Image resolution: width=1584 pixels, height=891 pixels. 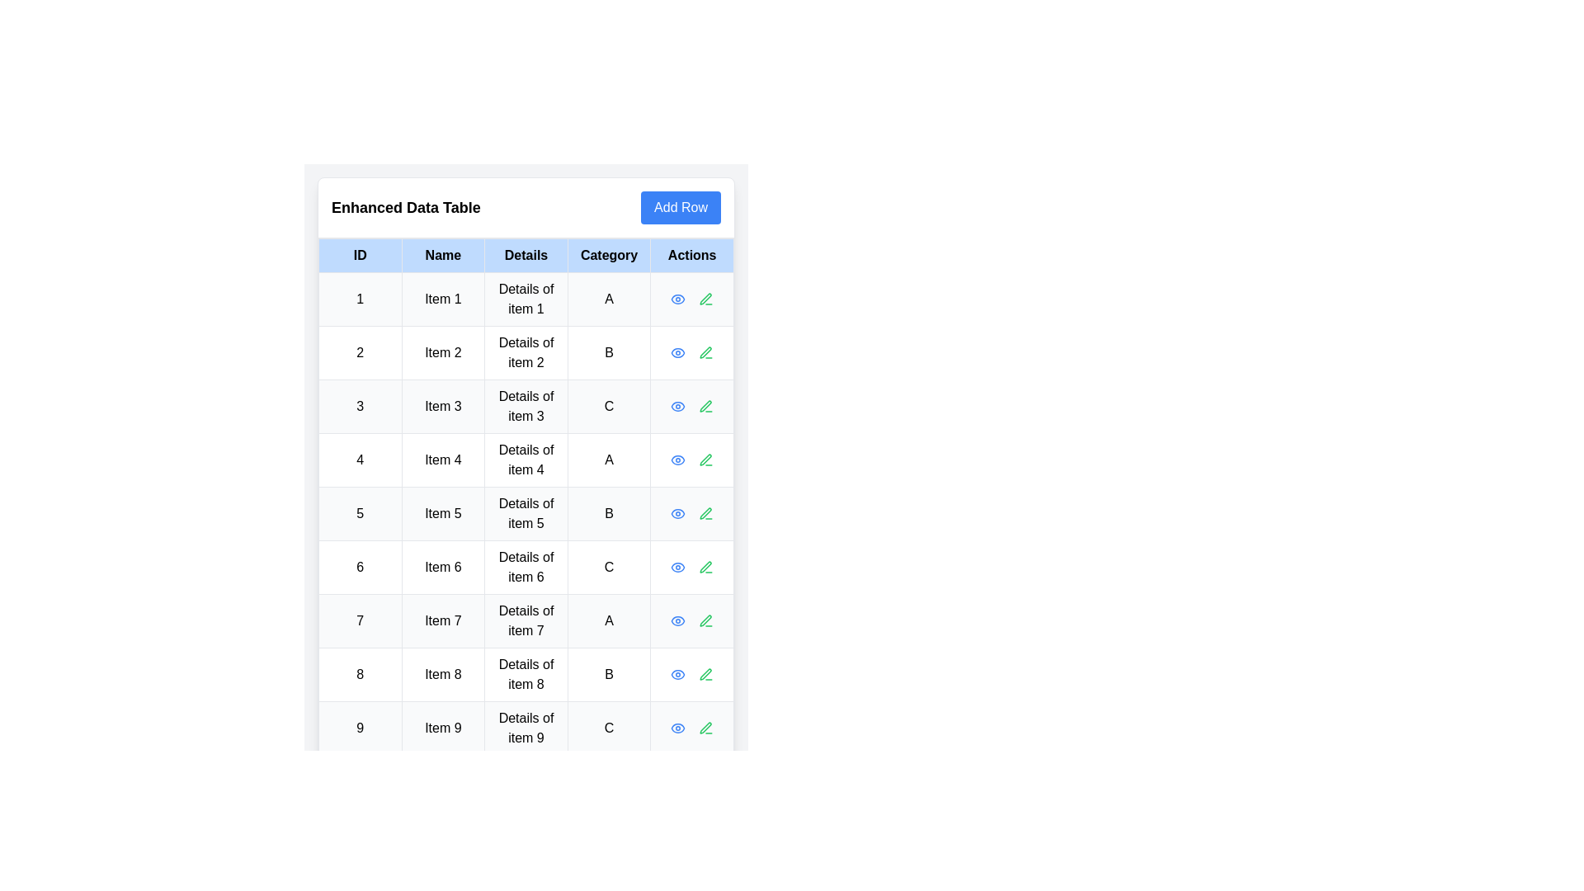 What do you see at coordinates (608, 299) in the screenshot?
I see `the table cell content located in the first row under the 'Category' column` at bounding box center [608, 299].